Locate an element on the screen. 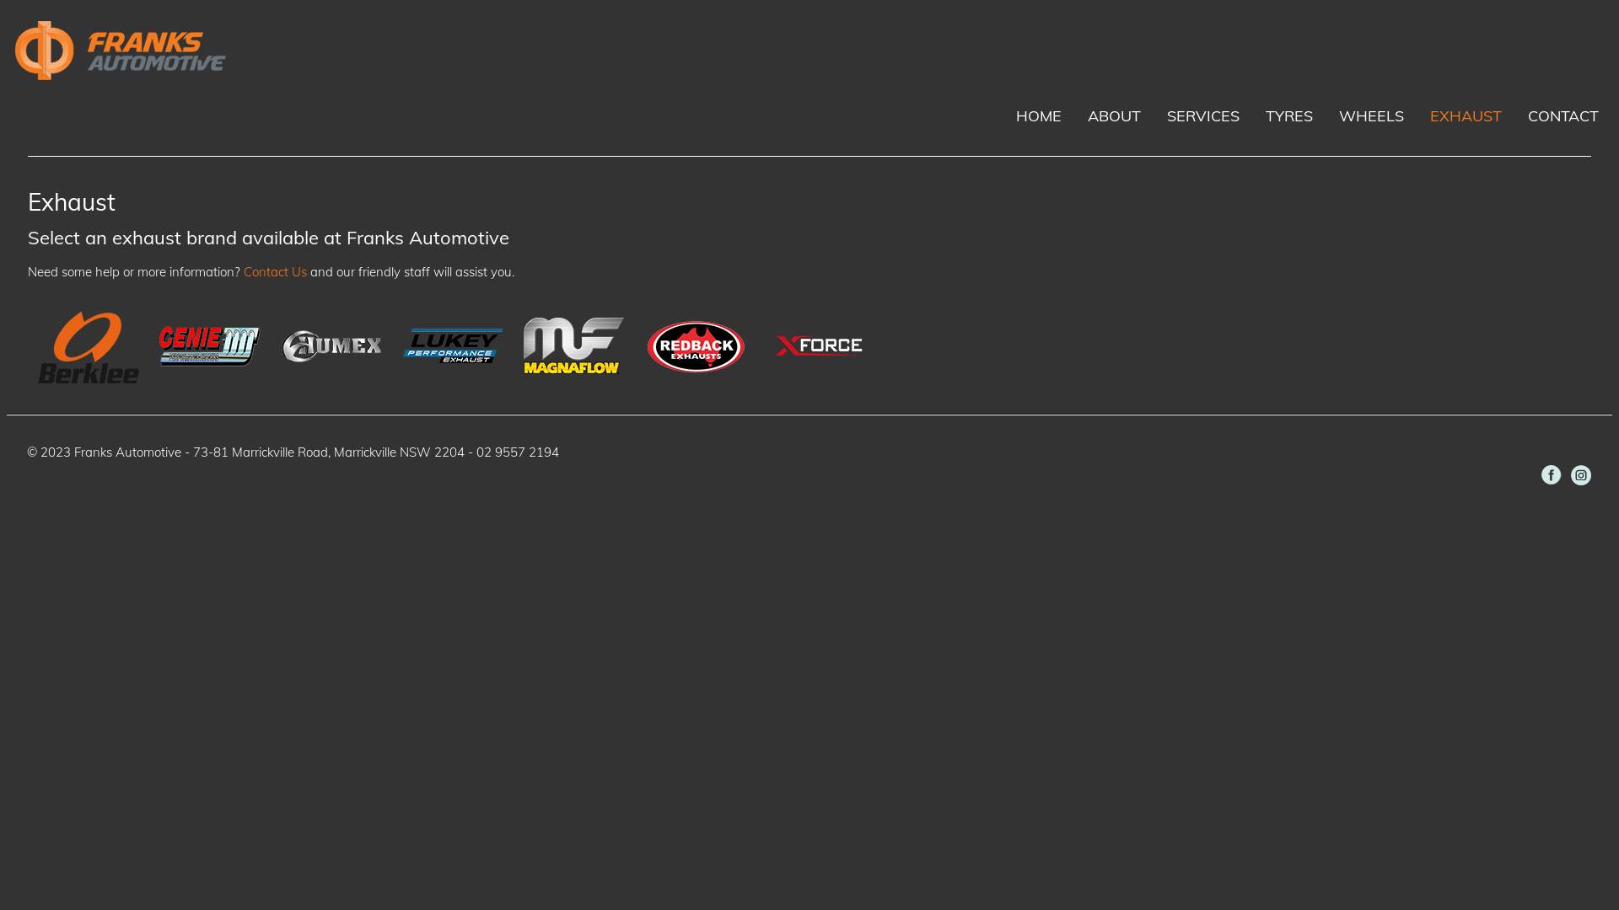  'EXHAUST' is located at coordinates (1465, 115).